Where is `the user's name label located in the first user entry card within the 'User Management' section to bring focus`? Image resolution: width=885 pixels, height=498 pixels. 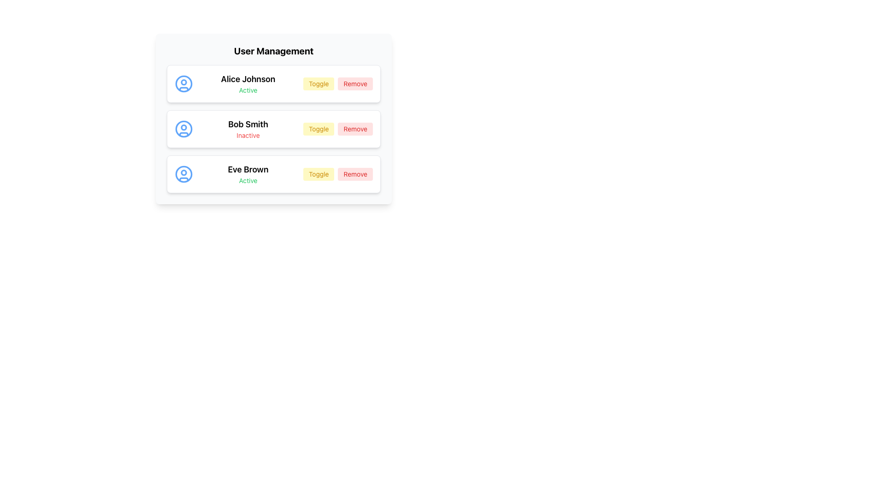 the user's name label located in the first user entry card within the 'User Management' section to bring focus is located at coordinates (248, 79).